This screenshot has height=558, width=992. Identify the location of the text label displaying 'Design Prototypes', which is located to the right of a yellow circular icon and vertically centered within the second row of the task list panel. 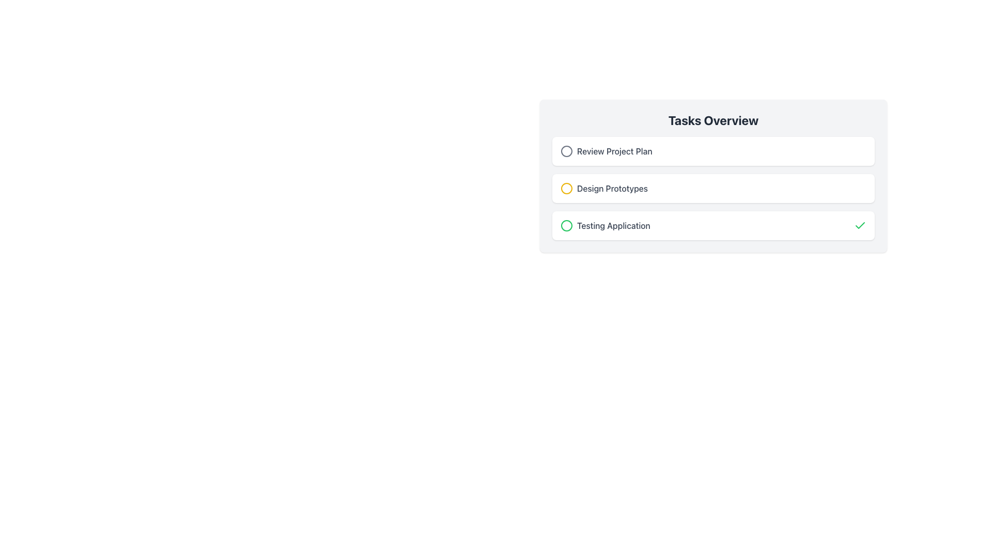
(612, 189).